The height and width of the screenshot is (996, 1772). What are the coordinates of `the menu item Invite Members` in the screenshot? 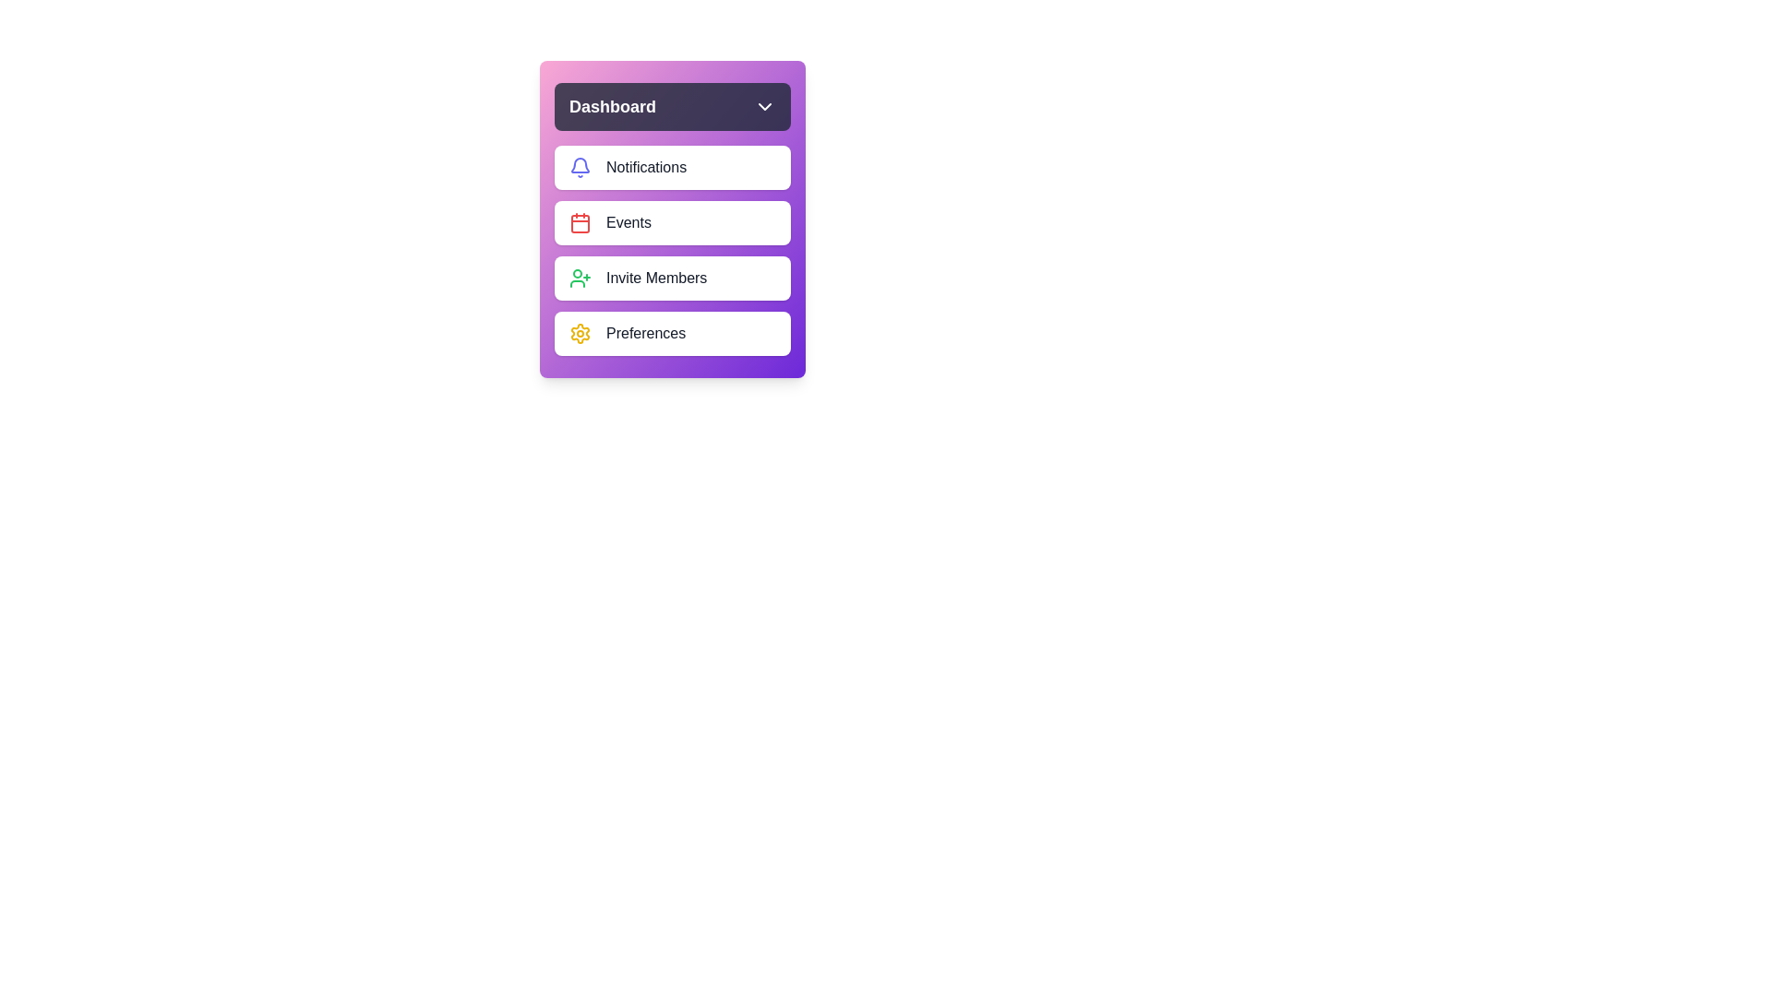 It's located at (672, 278).